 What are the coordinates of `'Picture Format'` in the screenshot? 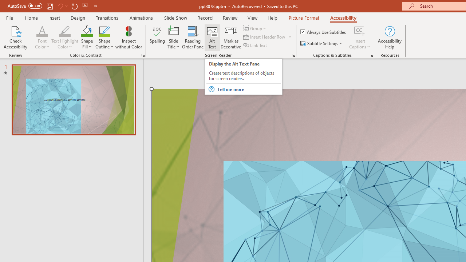 It's located at (304, 17).